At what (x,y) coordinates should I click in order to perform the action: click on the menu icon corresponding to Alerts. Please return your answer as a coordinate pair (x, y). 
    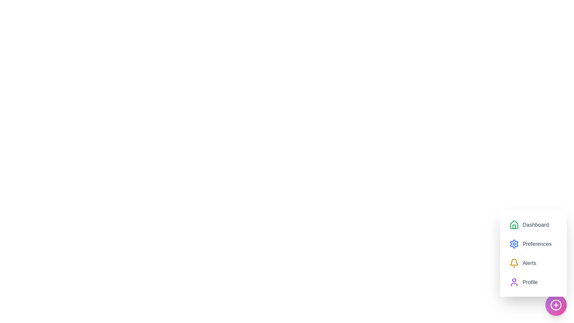
    Looking at the image, I should click on (514, 263).